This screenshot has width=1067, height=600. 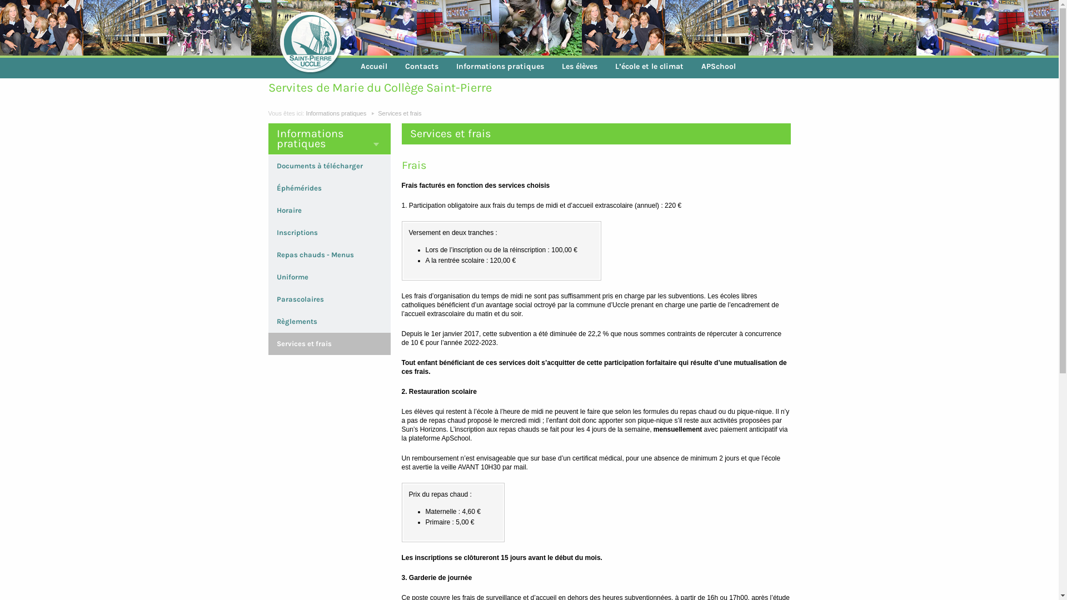 I want to click on 'Inscriptions', so click(x=297, y=232).